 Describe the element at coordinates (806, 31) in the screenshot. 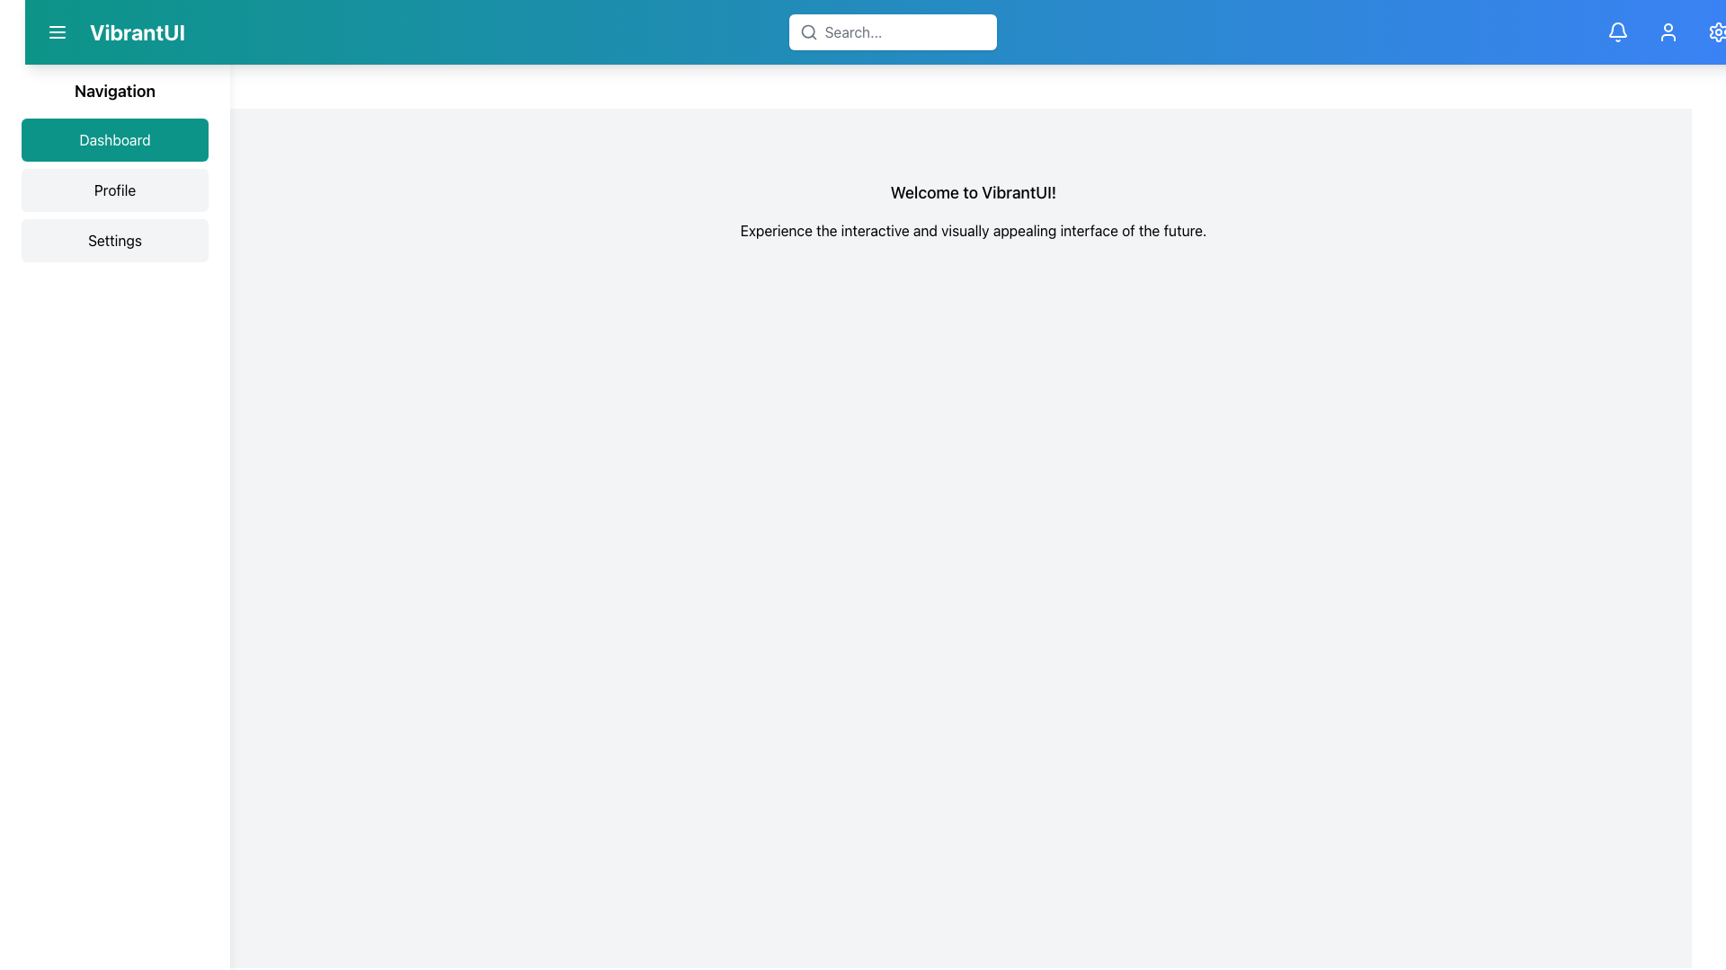

I see `the circular shape of the magnifying glass icon adjacent to the search field to activate the search functionality` at that location.